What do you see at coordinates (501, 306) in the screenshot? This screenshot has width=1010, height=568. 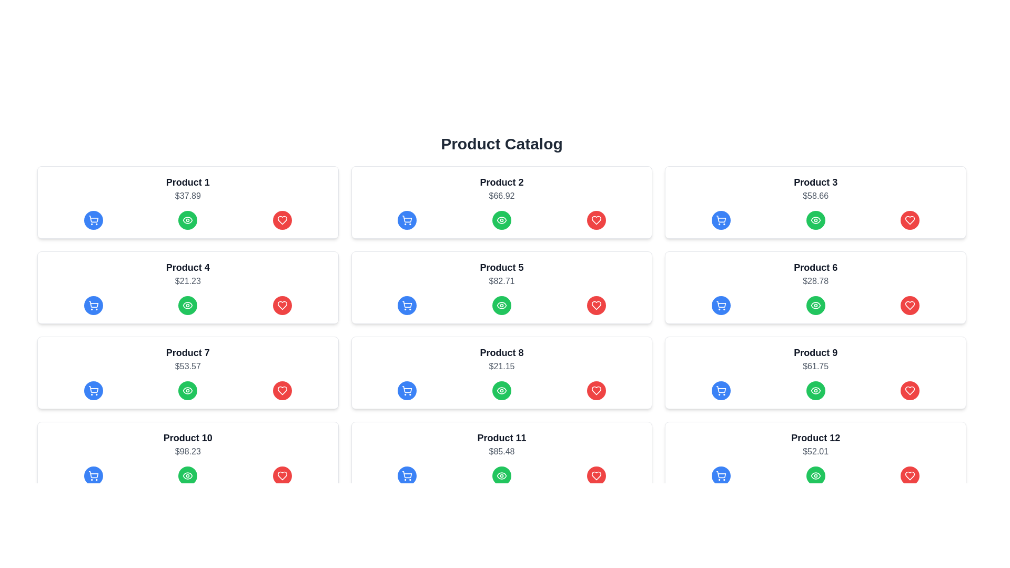 I see `the 'view' Icon Button located in the fifth product card titled 'Product 5', positioned centrally below the product title and price, to activate visual feedback` at bounding box center [501, 306].